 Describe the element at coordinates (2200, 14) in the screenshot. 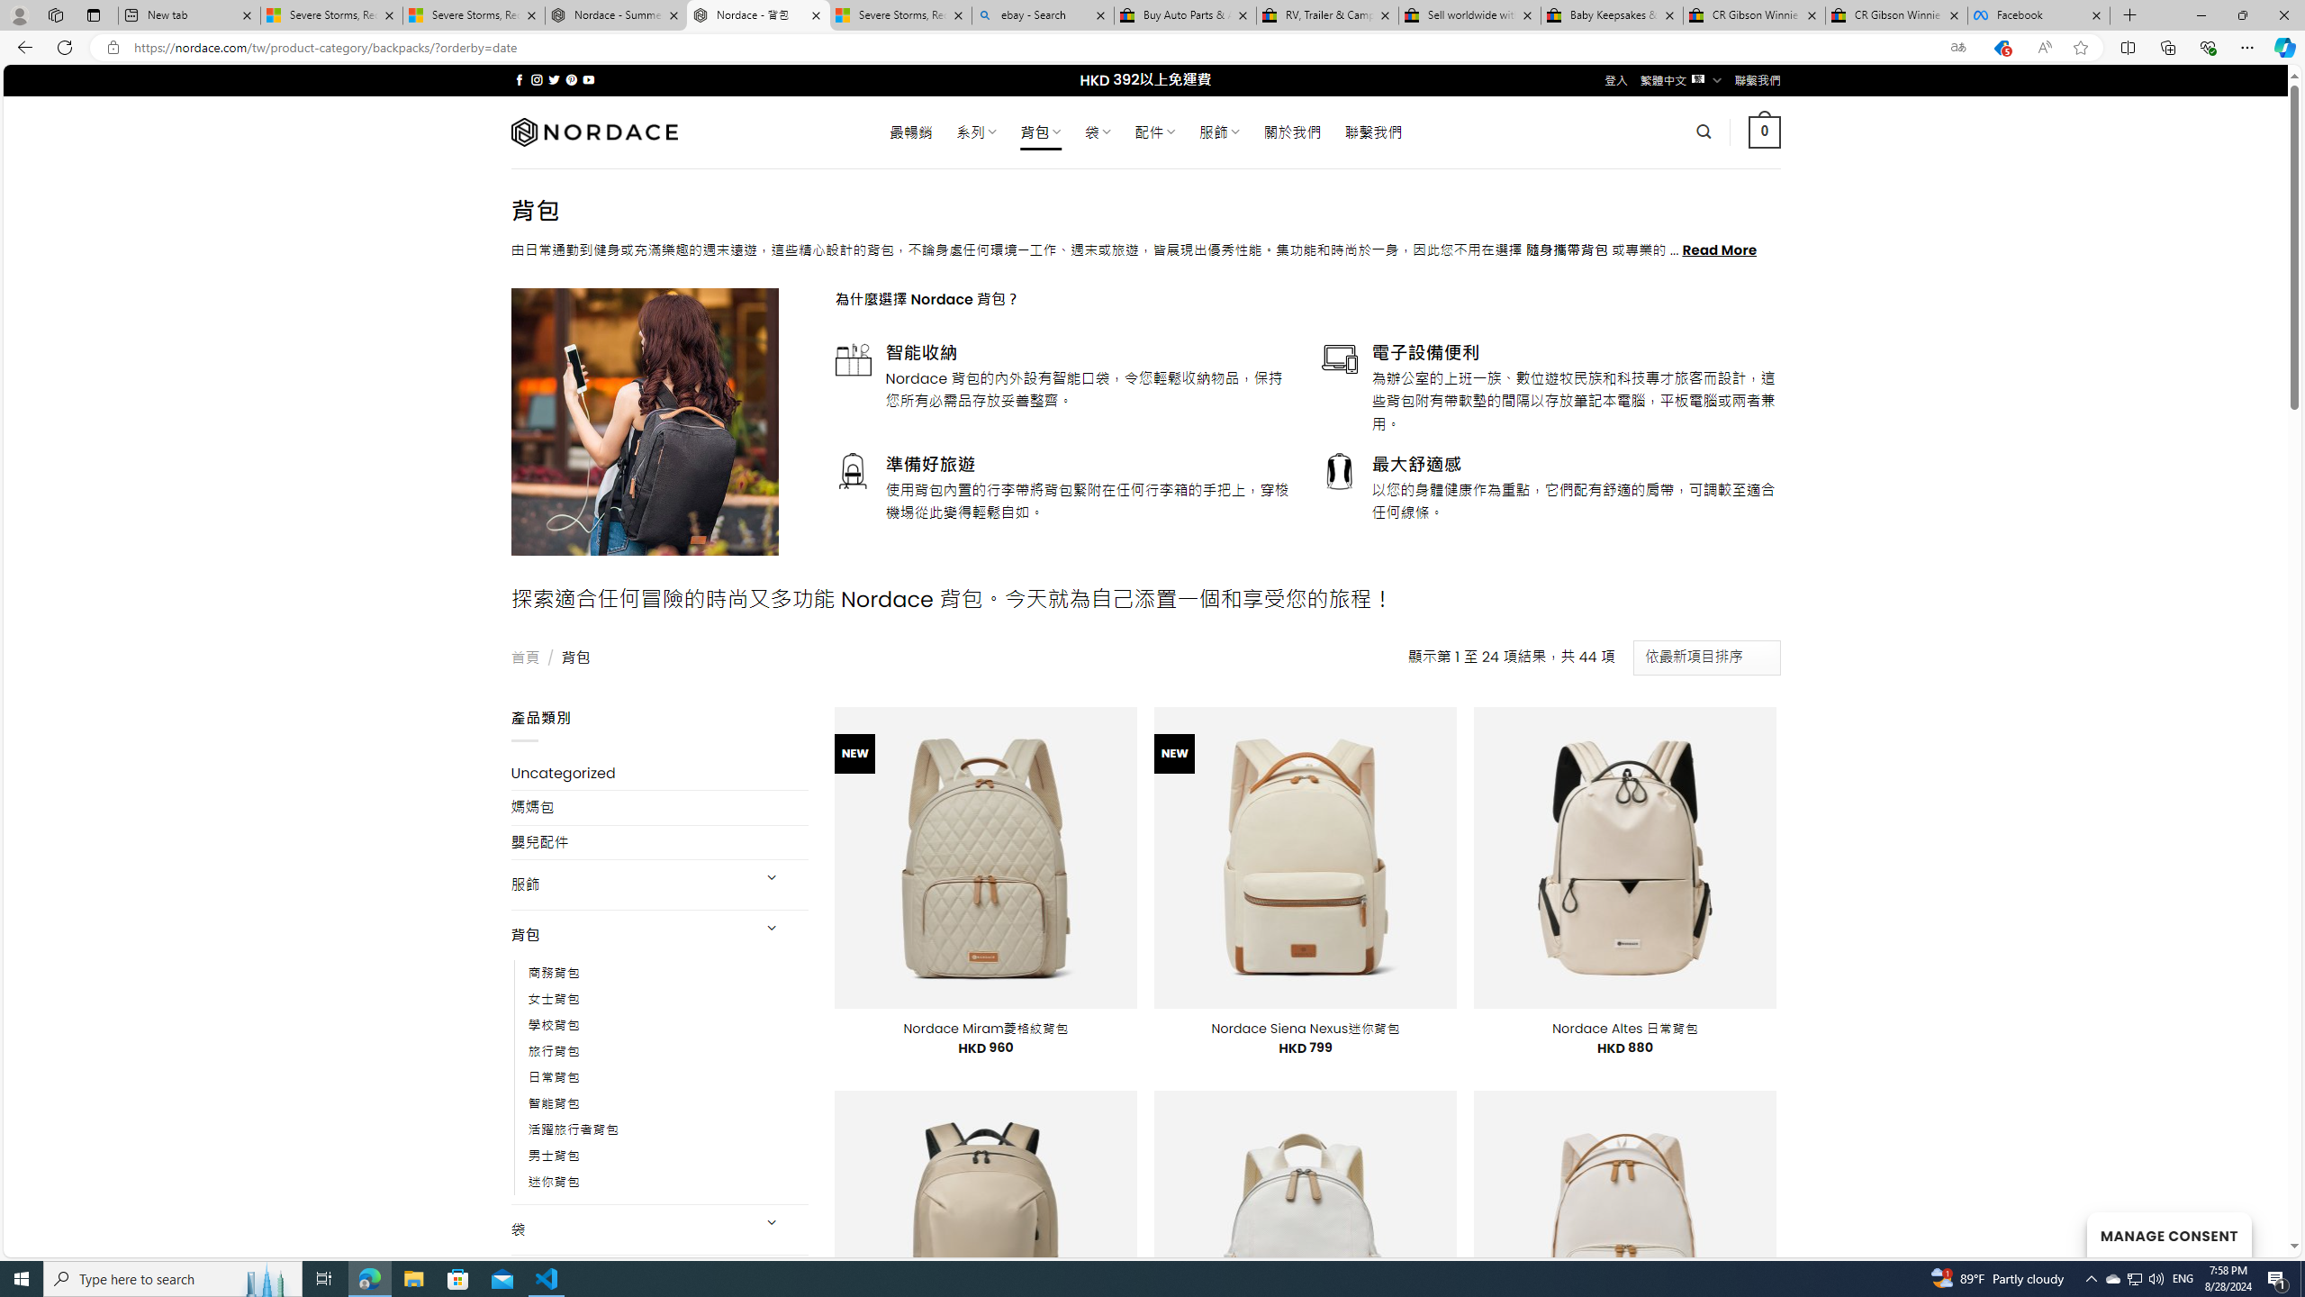

I see `'Minimize'` at that location.